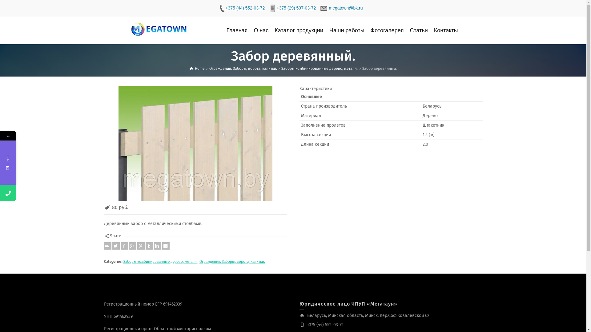  Describe the element at coordinates (292, 8) in the screenshot. I see `'+375 (29) 537-03-72'` at that location.